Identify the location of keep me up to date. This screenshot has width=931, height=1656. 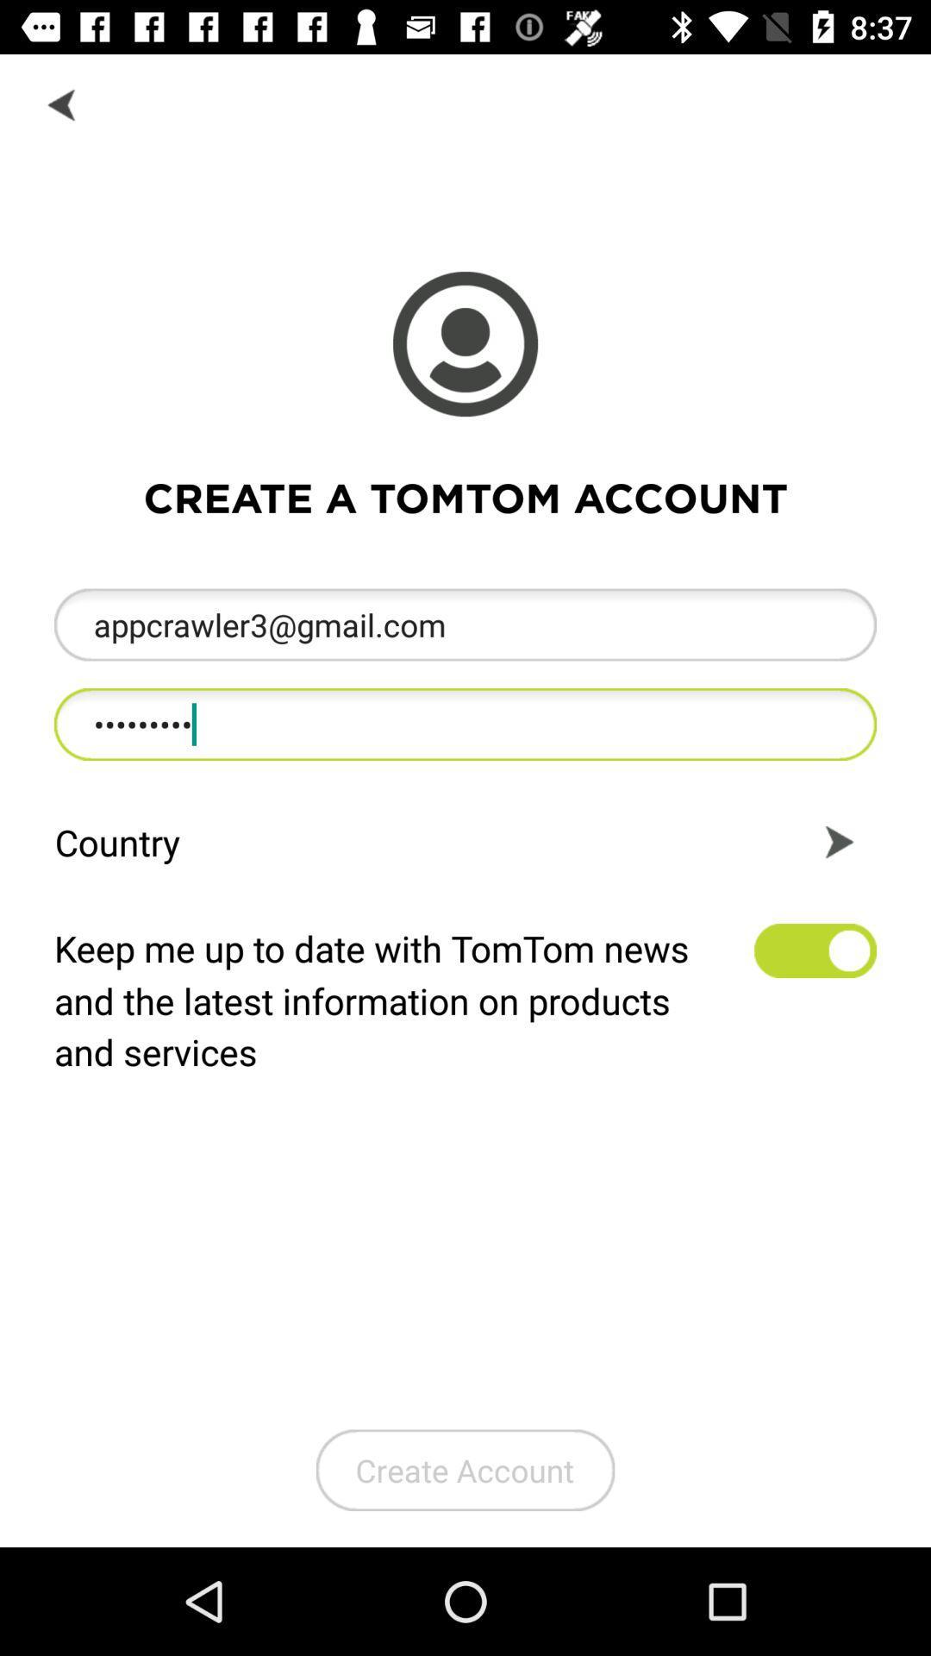
(815, 950).